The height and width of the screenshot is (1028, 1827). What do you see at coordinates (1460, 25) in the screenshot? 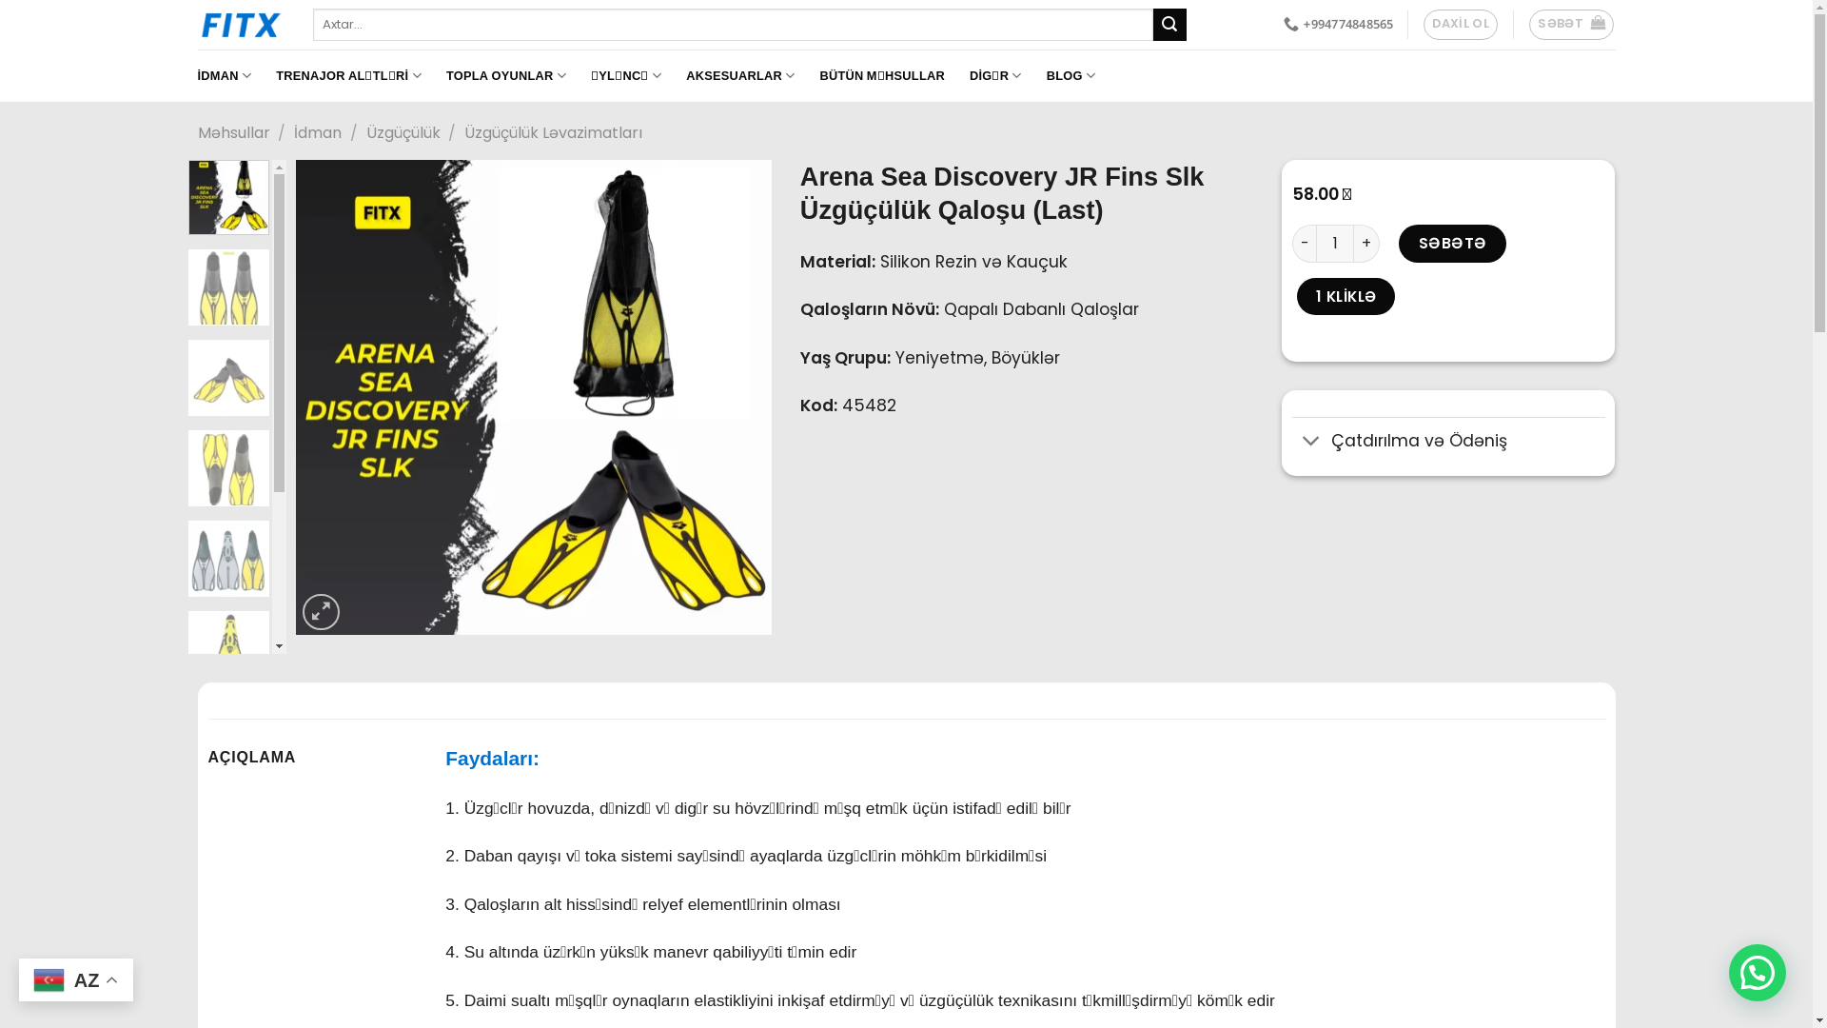
I see `'DAXIL OL'` at bounding box center [1460, 25].